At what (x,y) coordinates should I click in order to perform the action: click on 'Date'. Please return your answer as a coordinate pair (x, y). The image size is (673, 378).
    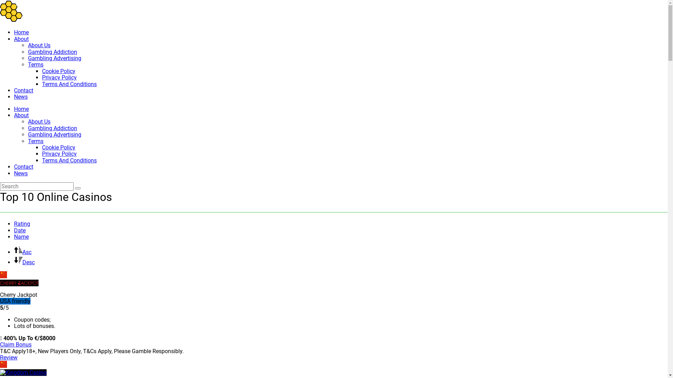
    Looking at the image, I should click on (20, 230).